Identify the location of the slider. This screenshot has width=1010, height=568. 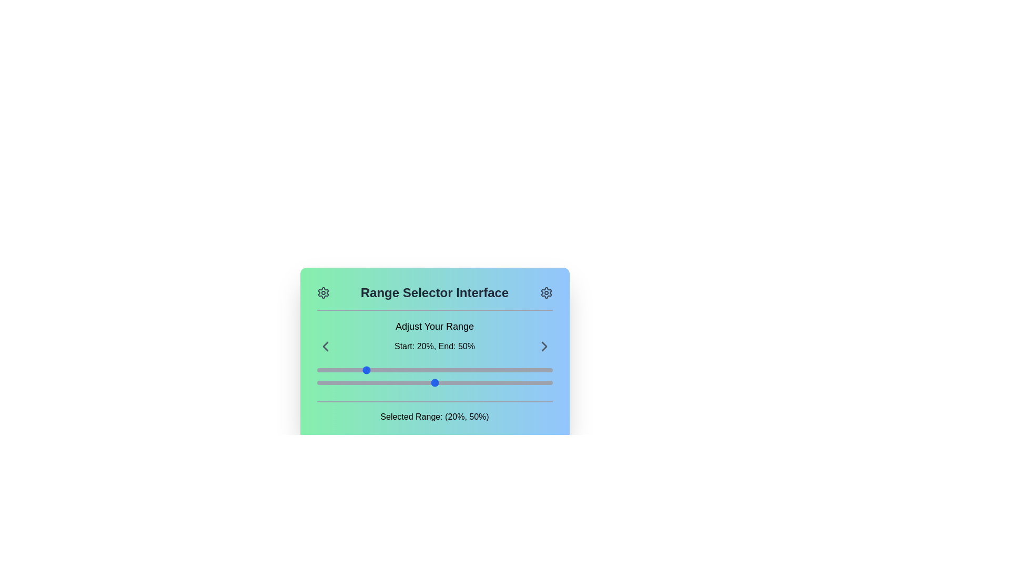
(387, 370).